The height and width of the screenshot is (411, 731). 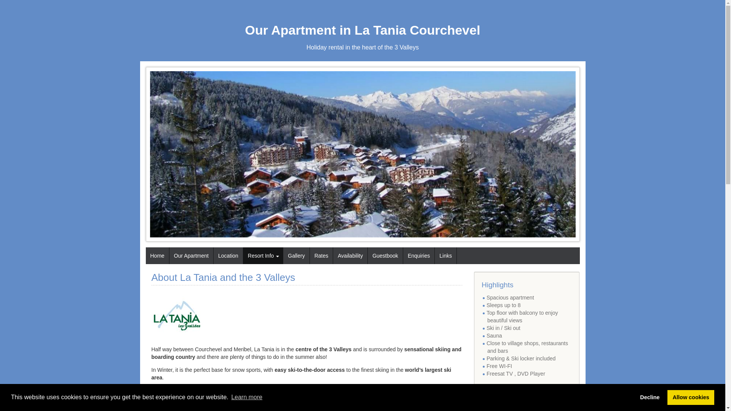 I want to click on 'Availability', so click(x=333, y=255).